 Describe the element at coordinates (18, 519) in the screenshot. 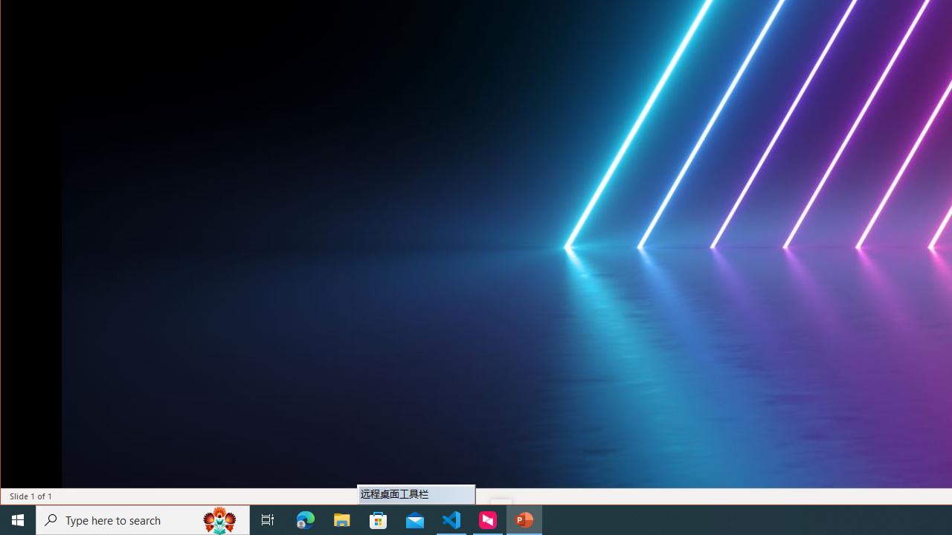

I see `'Start'` at that location.